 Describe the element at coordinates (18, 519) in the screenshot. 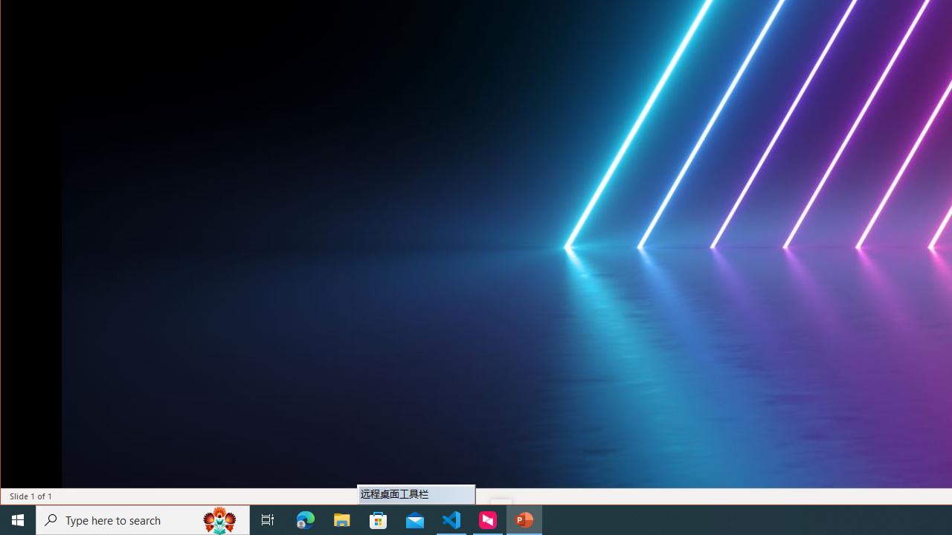

I see `'Start'` at that location.